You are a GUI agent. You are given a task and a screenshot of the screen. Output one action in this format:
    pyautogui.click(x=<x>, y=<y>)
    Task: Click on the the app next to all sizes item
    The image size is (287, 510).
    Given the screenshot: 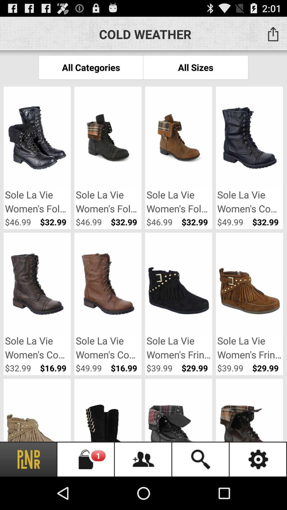 What is the action you would take?
    pyautogui.click(x=91, y=67)
    